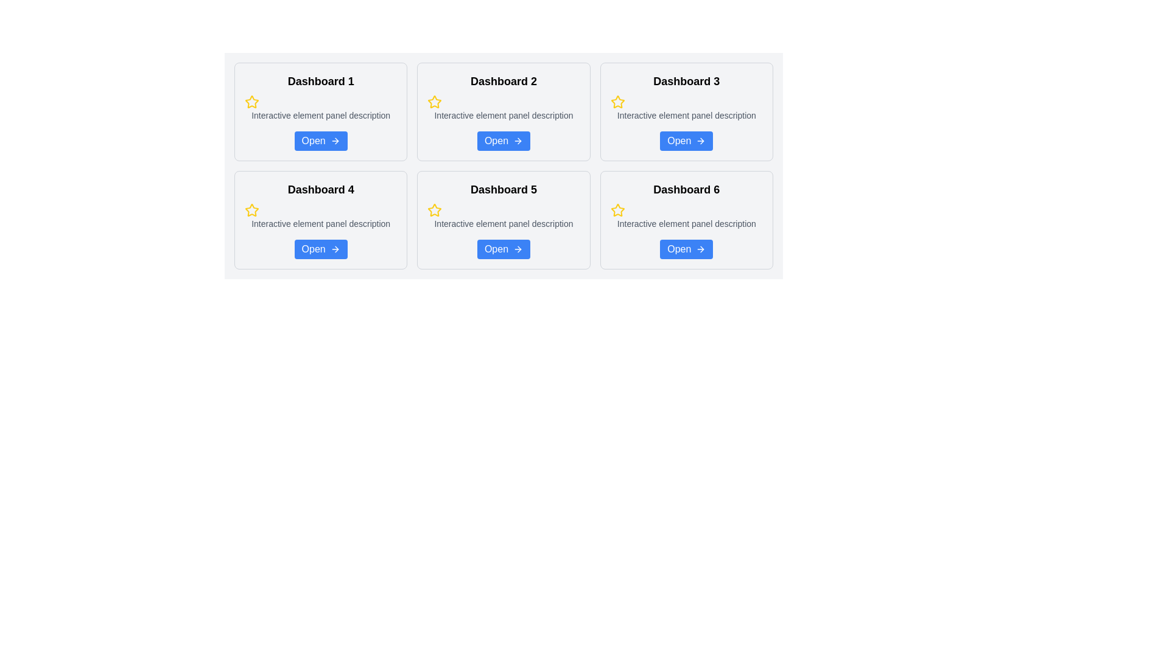  What do you see at coordinates (617, 102) in the screenshot?
I see `the star-shaped icon outlined in yellow, which is located to the left of the text 'Dashboard 3' in the third card of the top row` at bounding box center [617, 102].